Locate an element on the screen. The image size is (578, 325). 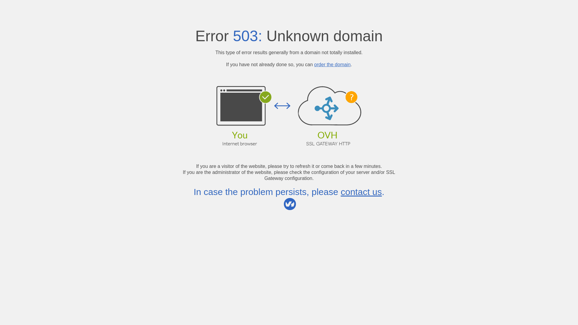
'order the domain' is located at coordinates (314, 64).